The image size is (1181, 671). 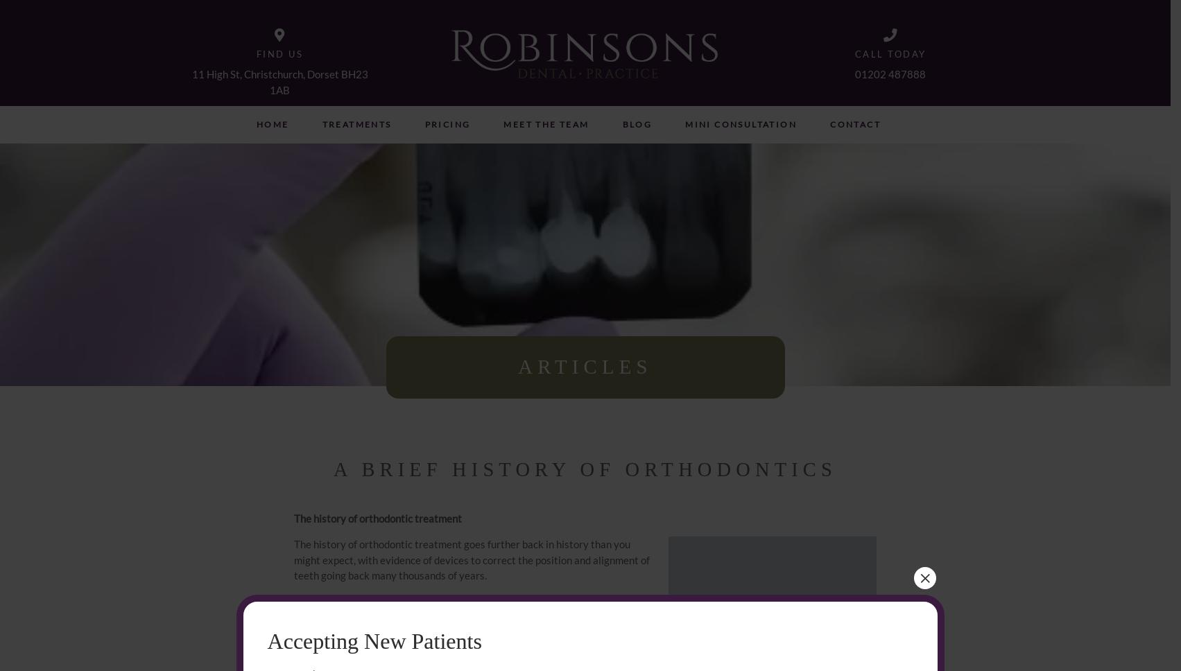 I want to click on 'Home', so click(x=273, y=124).